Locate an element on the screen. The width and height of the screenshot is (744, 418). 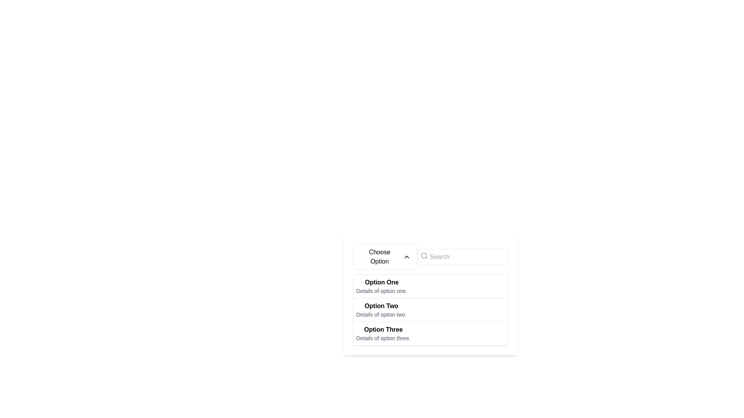
the third option in the dropdown menu, which is located below 'Option Two' and provides additional details is located at coordinates (383, 333).